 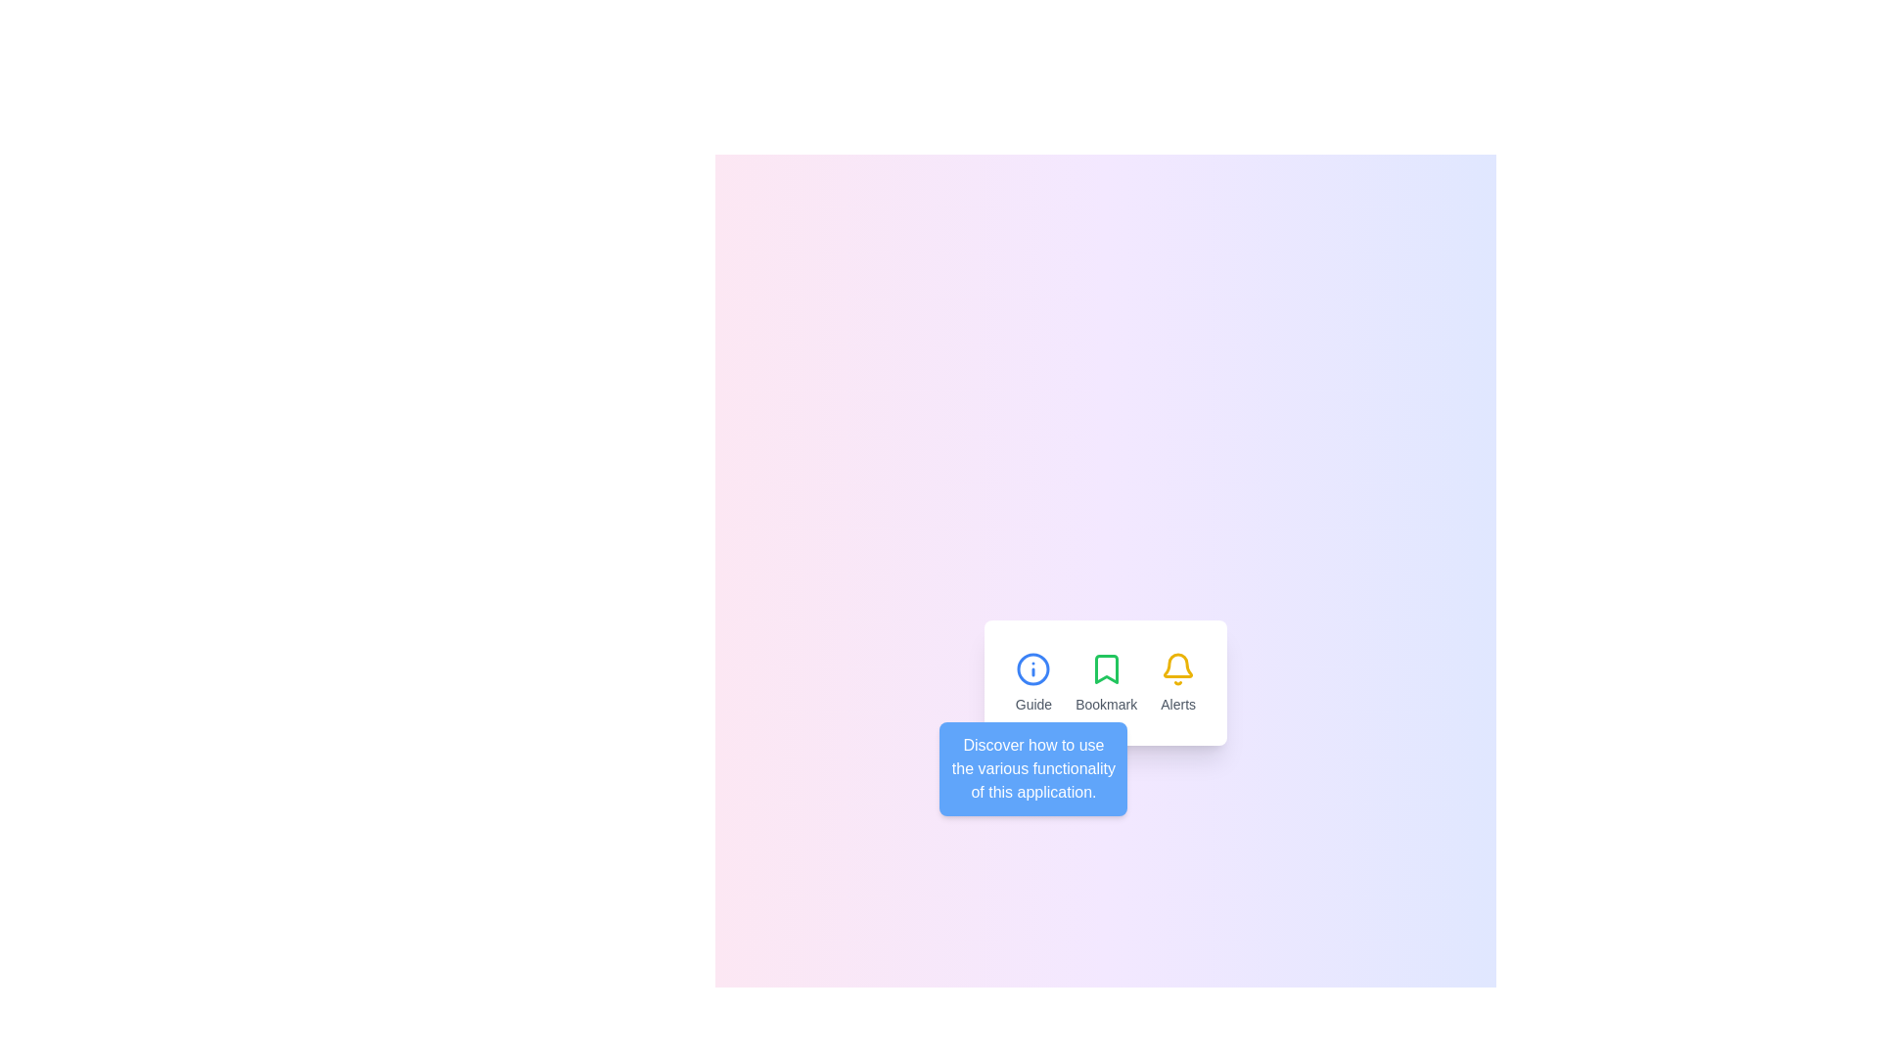 What do you see at coordinates (1106, 667) in the screenshot?
I see `the bookmarks icon located in the horizontal navigation menu, positioned between the 'Guide' icon and the 'Alerts' icon` at bounding box center [1106, 667].